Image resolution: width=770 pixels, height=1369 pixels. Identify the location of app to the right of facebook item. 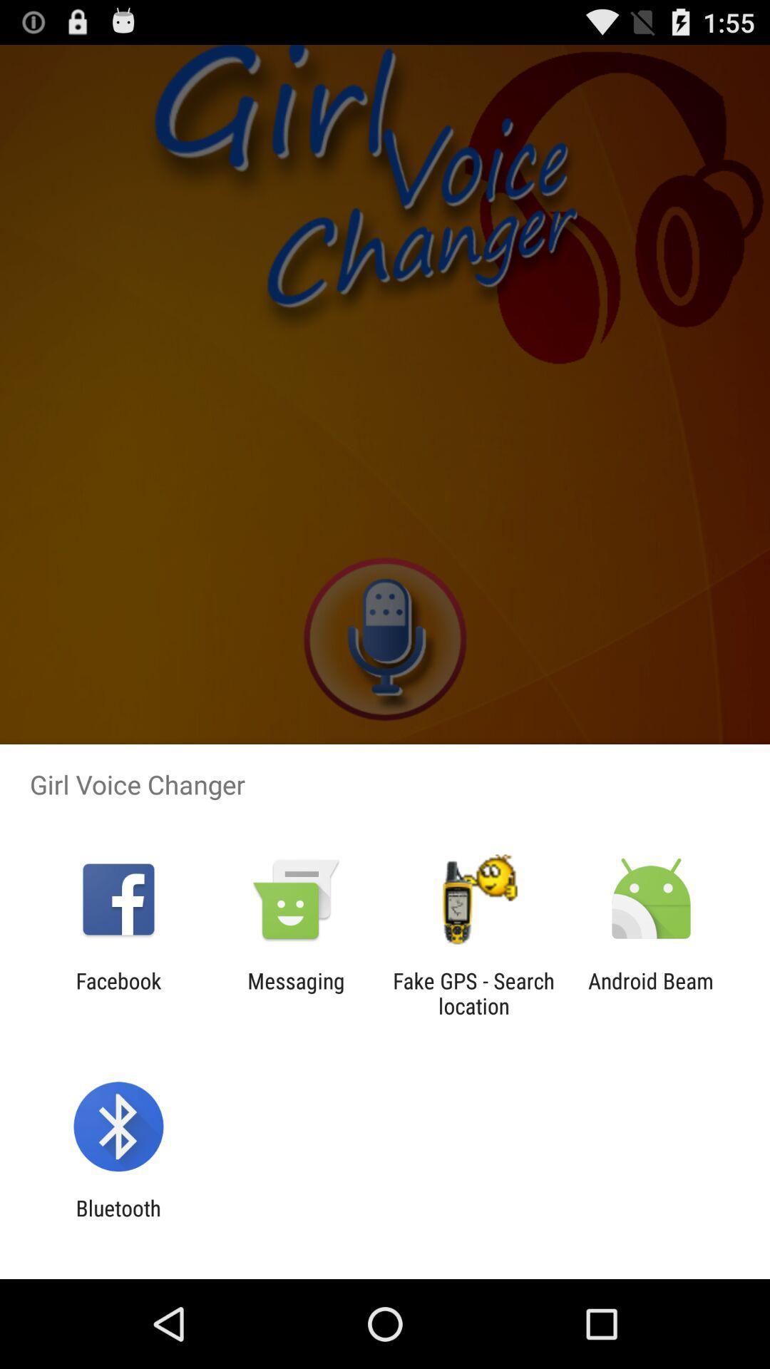
(295, 993).